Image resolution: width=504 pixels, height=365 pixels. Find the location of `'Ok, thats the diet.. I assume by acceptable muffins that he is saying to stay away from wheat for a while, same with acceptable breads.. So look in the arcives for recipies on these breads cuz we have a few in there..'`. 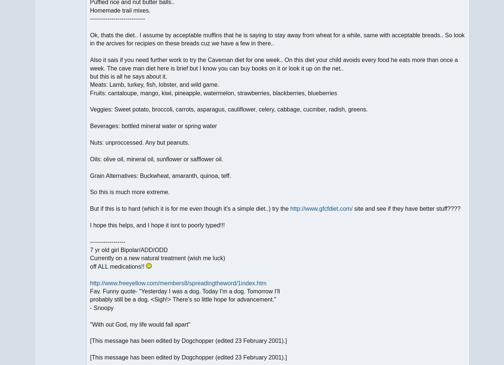

'Ok, thats the diet.. I assume by acceptable muffins that he is saying to stay away from wheat for a while, same with acceptable breads.. So look in the arcives for recipies on these breads cuz we have a few in there..' is located at coordinates (90, 39).